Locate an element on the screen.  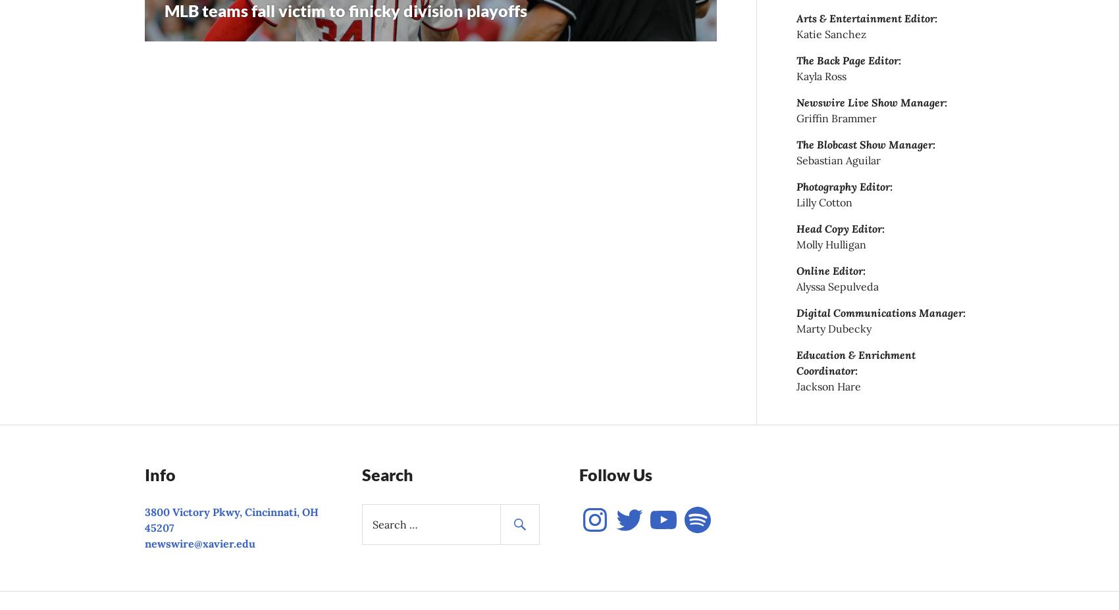
'Digital Communications Manager:' is located at coordinates (881, 312).